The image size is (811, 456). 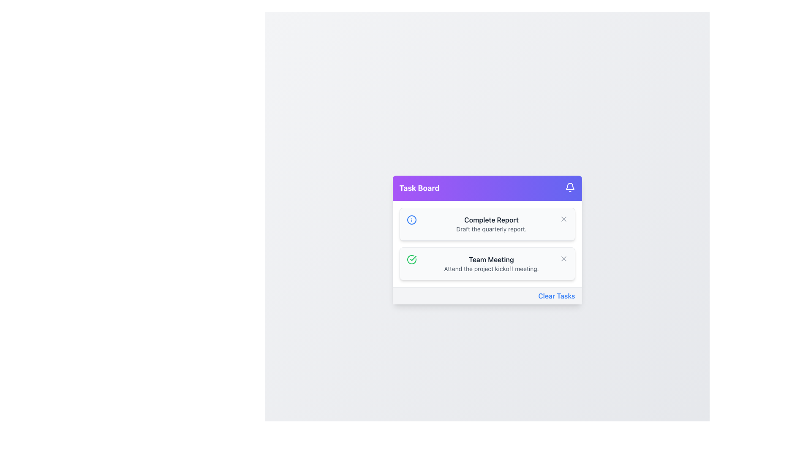 What do you see at coordinates (491, 223) in the screenshot?
I see `the text display block that shows 'Complete Report' and 'Draft the quarterly report', located in the center column above 'Team Meeting'` at bounding box center [491, 223].